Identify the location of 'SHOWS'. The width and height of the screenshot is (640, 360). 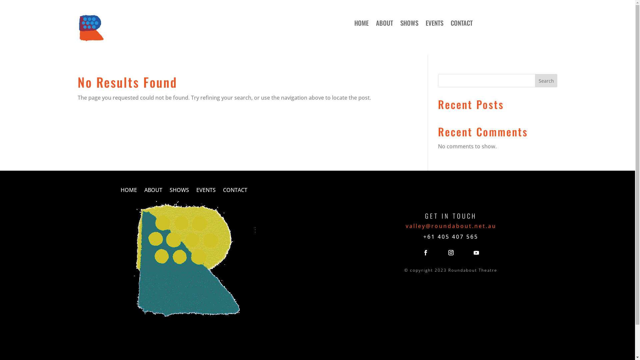
(179, 191).